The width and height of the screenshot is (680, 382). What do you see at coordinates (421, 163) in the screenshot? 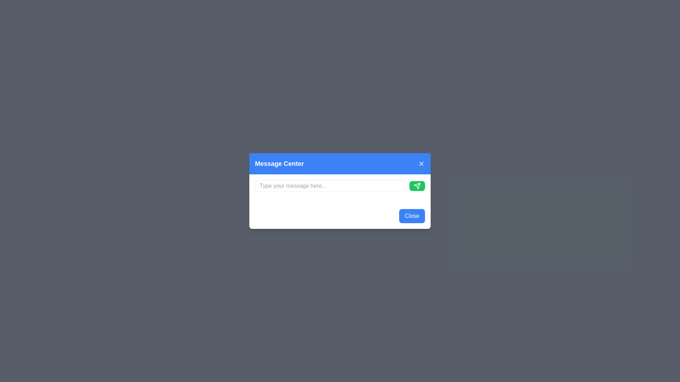
I see `the small button with a cross (X) icon, styled with a white outline and blue background, located in the top right corner of the title bar of the message center dialog box` at bounding box center [421, 163].